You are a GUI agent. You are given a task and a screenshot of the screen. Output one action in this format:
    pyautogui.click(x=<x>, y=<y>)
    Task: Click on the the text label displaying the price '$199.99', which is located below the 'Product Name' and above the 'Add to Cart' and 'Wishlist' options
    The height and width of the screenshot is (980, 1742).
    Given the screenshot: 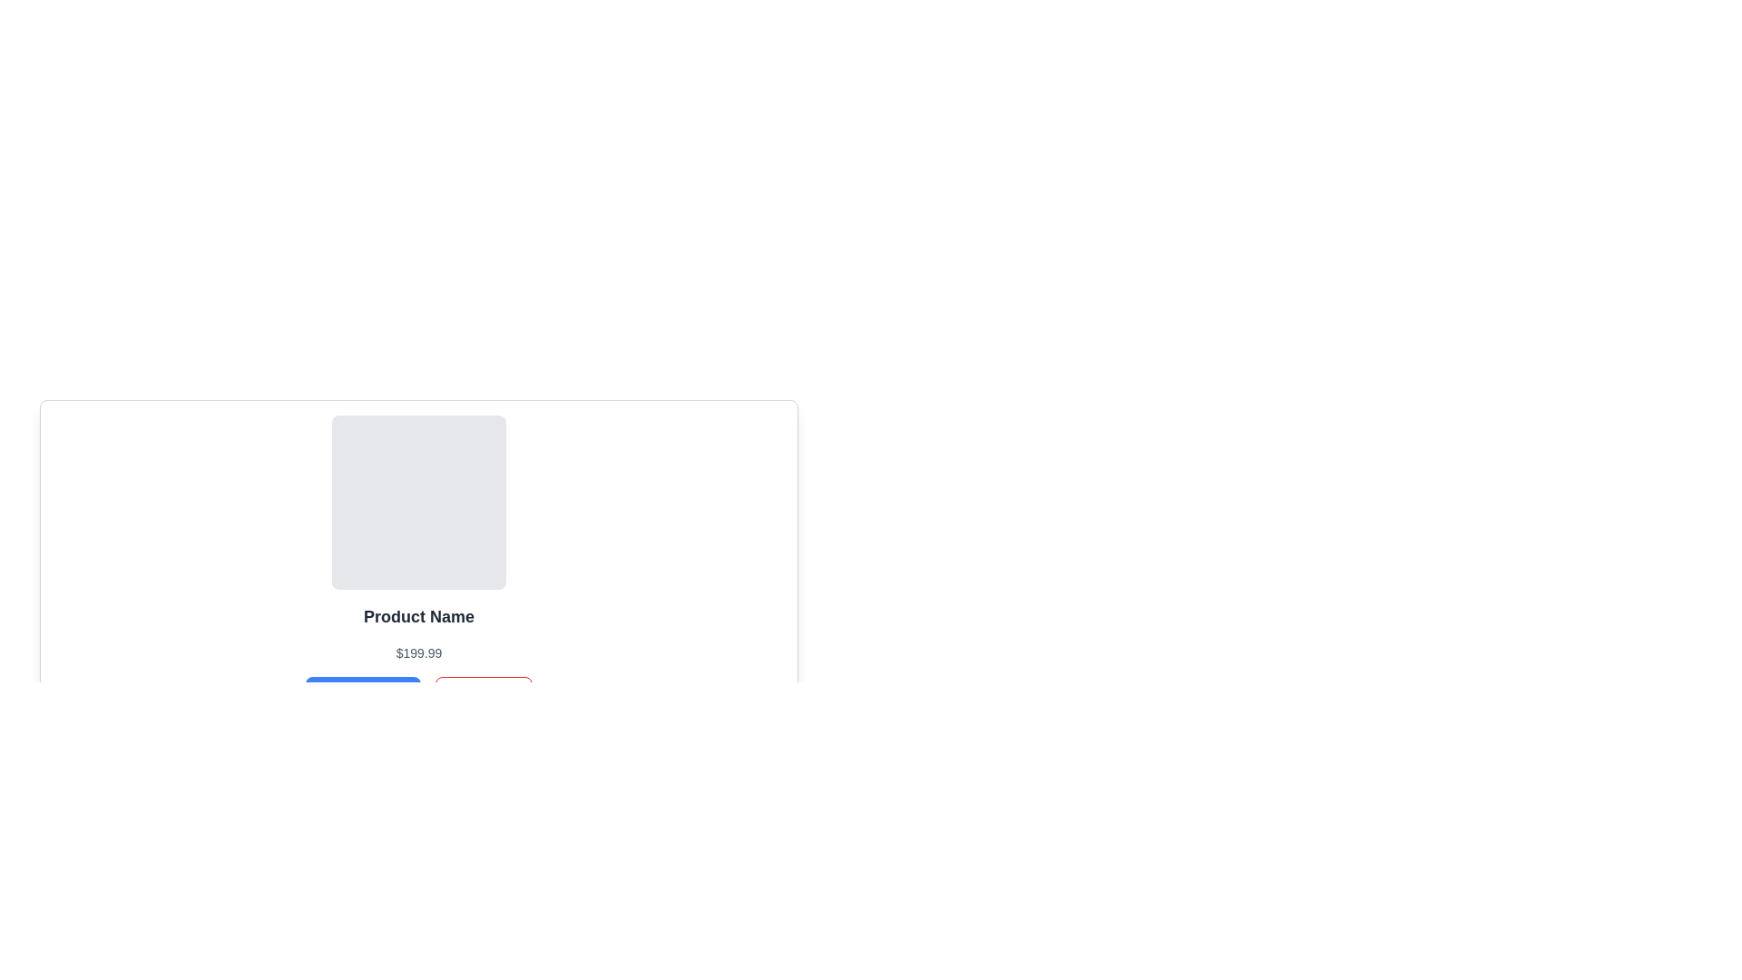 What is the action you would take?
    pyautogui.click(x=417, y=653)
    